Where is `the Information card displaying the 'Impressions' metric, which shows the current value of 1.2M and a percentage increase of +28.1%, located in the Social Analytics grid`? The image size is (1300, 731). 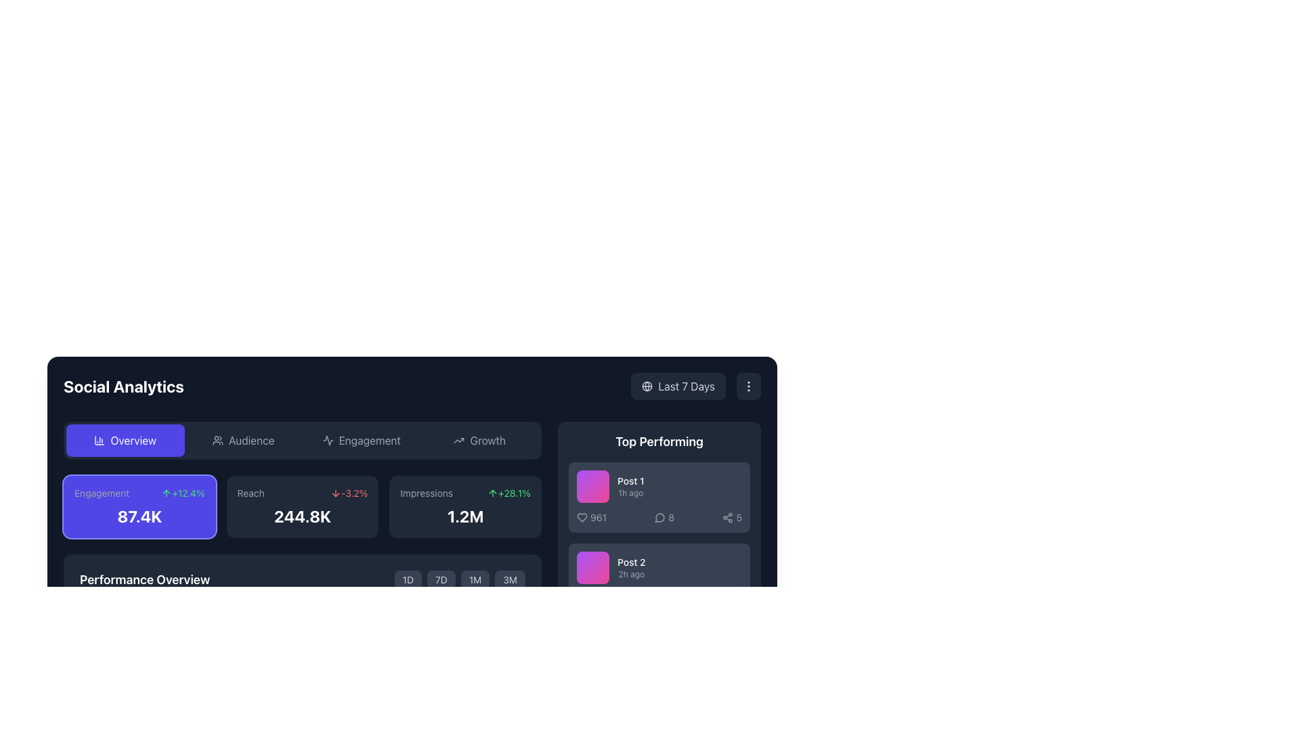 the Information card displaying the 'Impressions' metric, which shows the current value of 1.2M and a percentage increase of +28.1%, located in the Social Analytics grid is located at coordinates (465, 506).